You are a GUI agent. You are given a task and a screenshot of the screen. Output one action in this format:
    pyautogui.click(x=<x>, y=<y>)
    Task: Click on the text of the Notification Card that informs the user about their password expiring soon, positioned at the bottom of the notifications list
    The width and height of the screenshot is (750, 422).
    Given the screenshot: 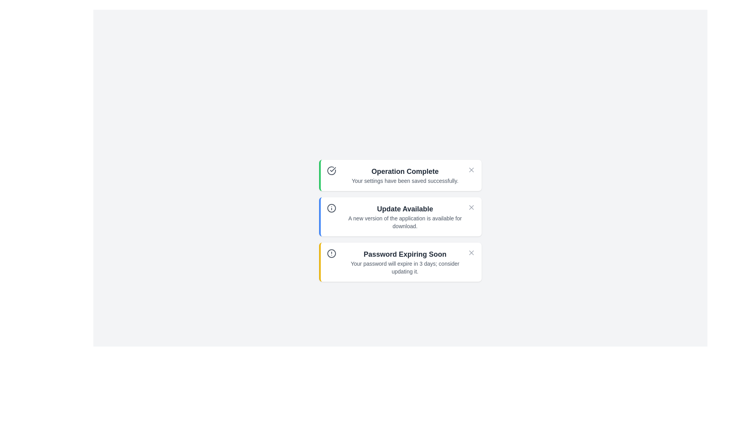 What is the action you would take?
    pyautogui.click(x=400, y=262)
    